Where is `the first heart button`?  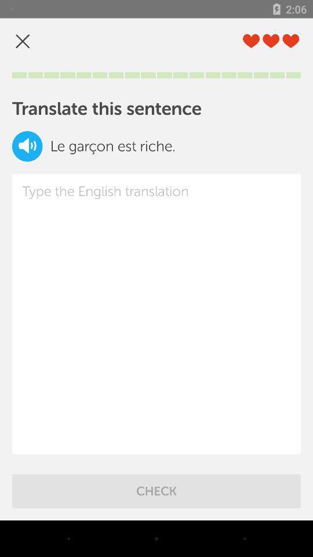
the first heart button is located at coordinates (250, 41).